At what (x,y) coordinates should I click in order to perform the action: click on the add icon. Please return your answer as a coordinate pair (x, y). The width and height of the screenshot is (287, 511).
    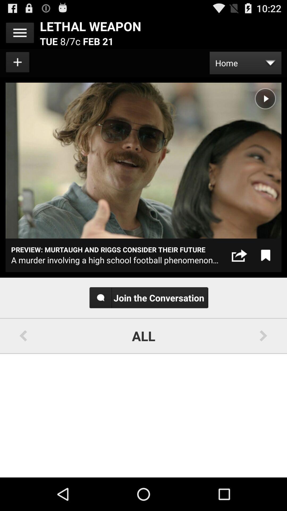
    Looking at the image, I should click on (18, 66).